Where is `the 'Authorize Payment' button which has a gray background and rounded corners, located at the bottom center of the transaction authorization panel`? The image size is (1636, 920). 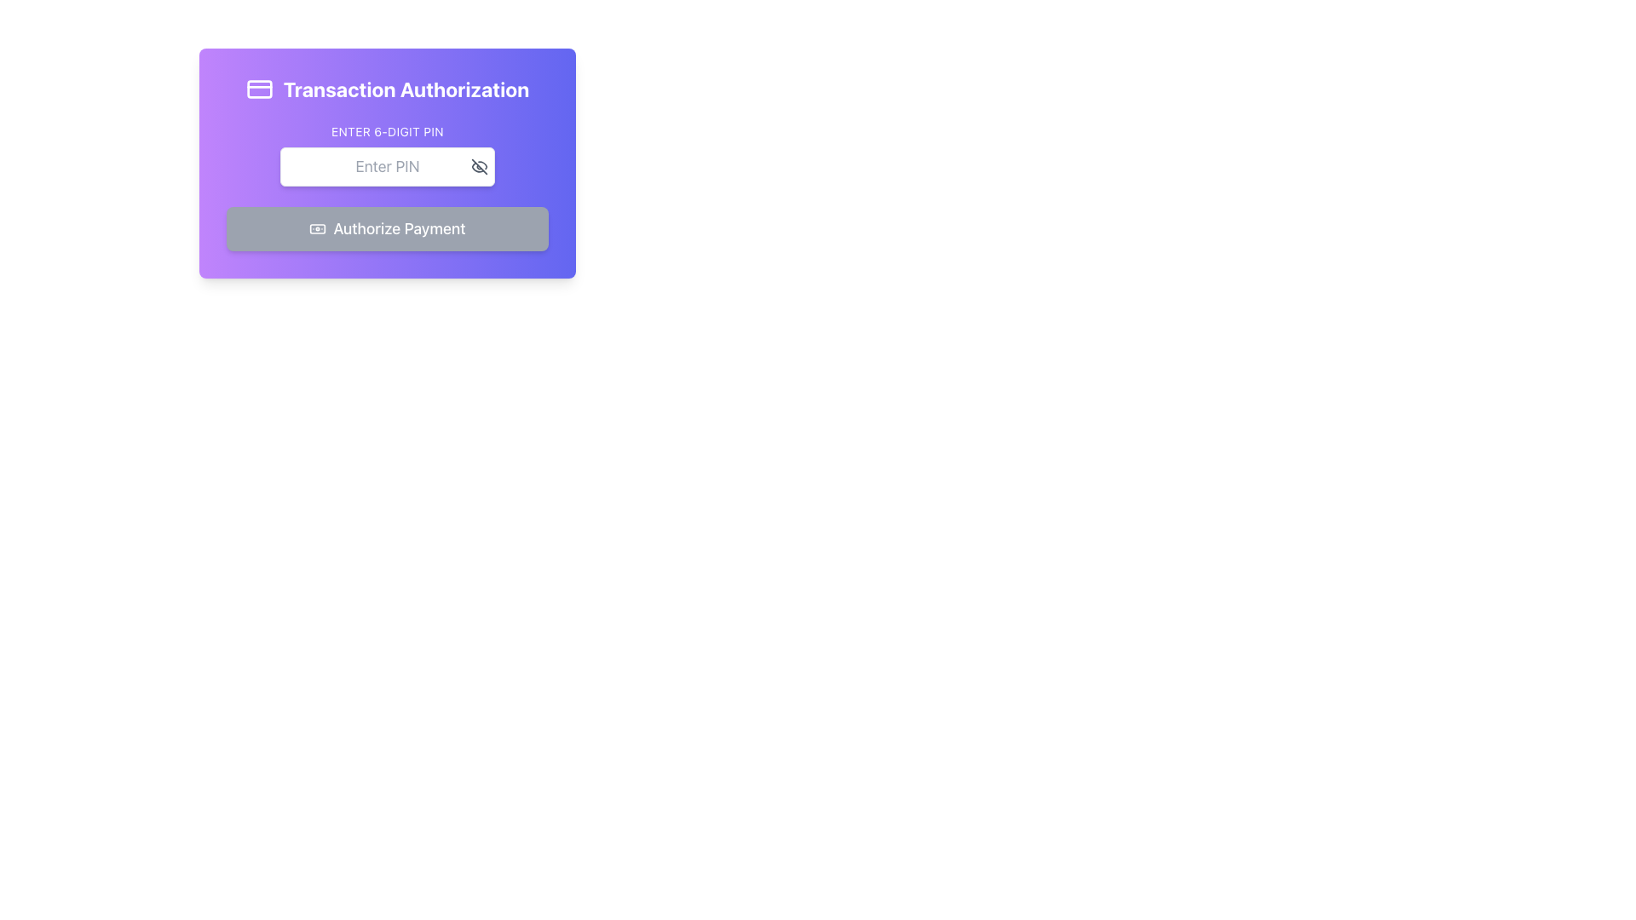
the 'Authorize Payment' button which has a gray background and rounded corners, located at the bottom center of the transaction authorization panel is located at coordinates (399, 228).